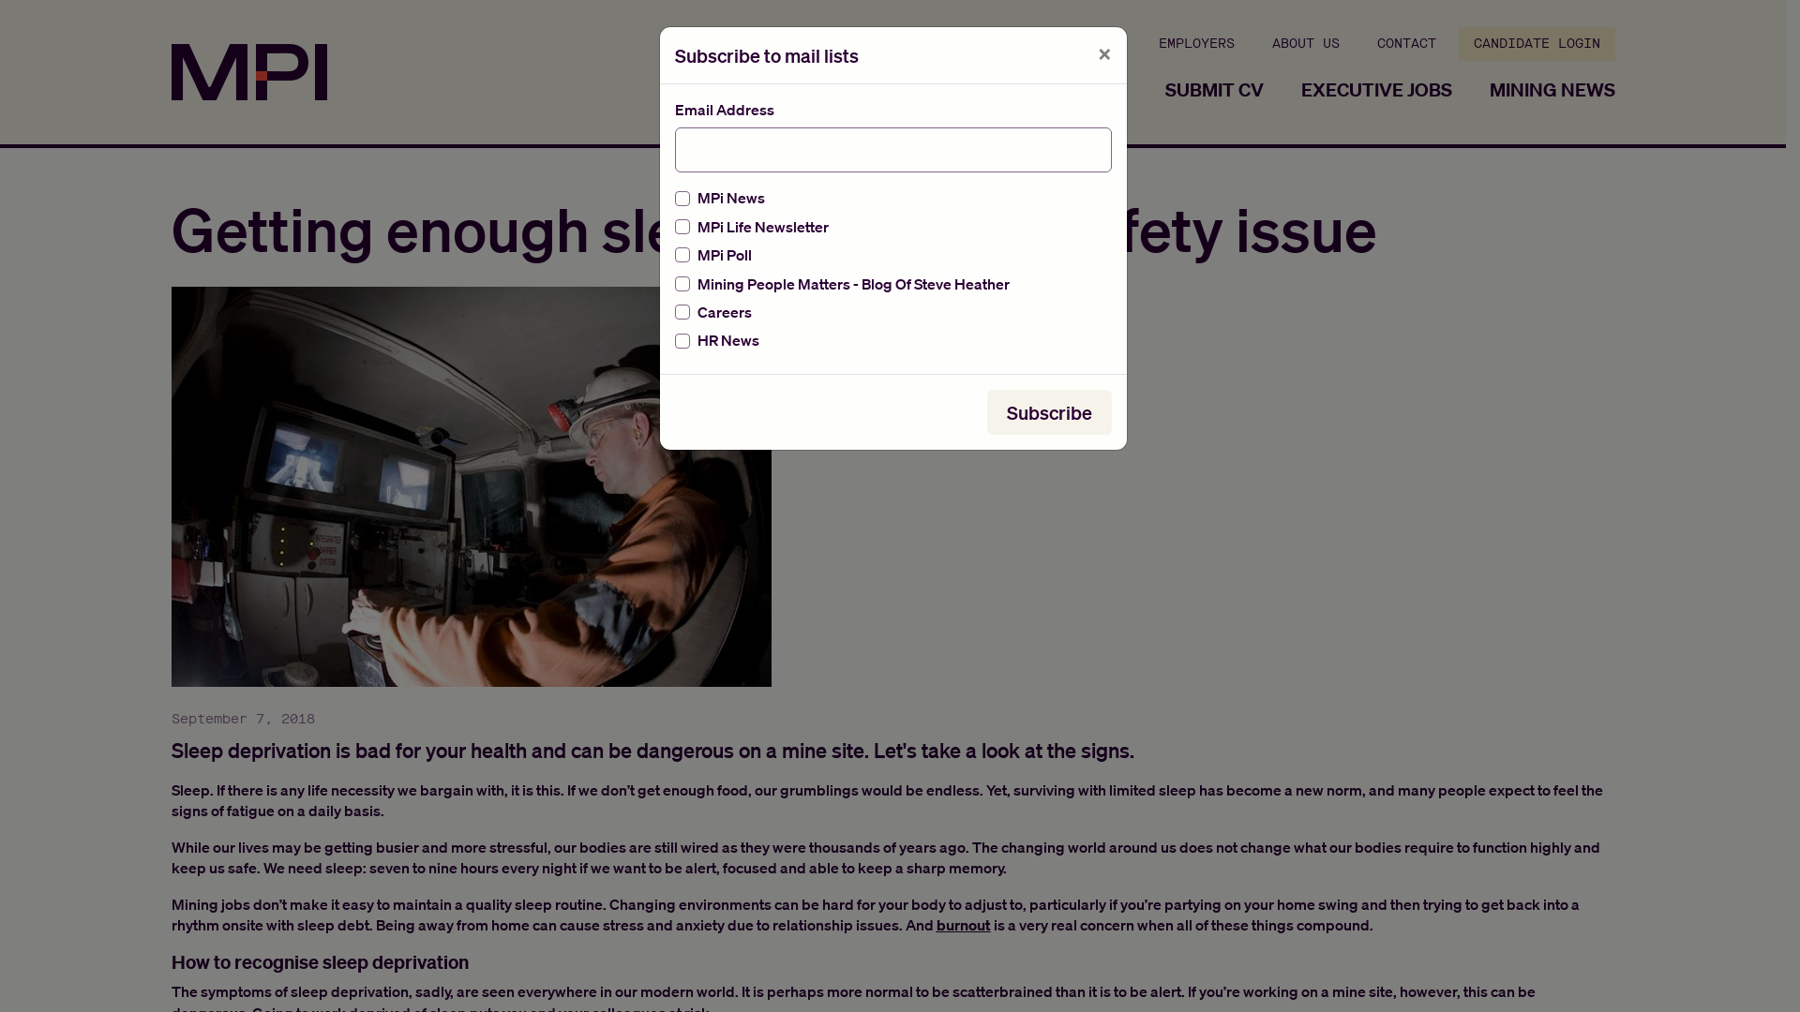 This screenshot has width=1800, height=1012. Describe the element at coordinates (1142, 42) in the screenshot. I see `'EMPLOYERS'` at that location.